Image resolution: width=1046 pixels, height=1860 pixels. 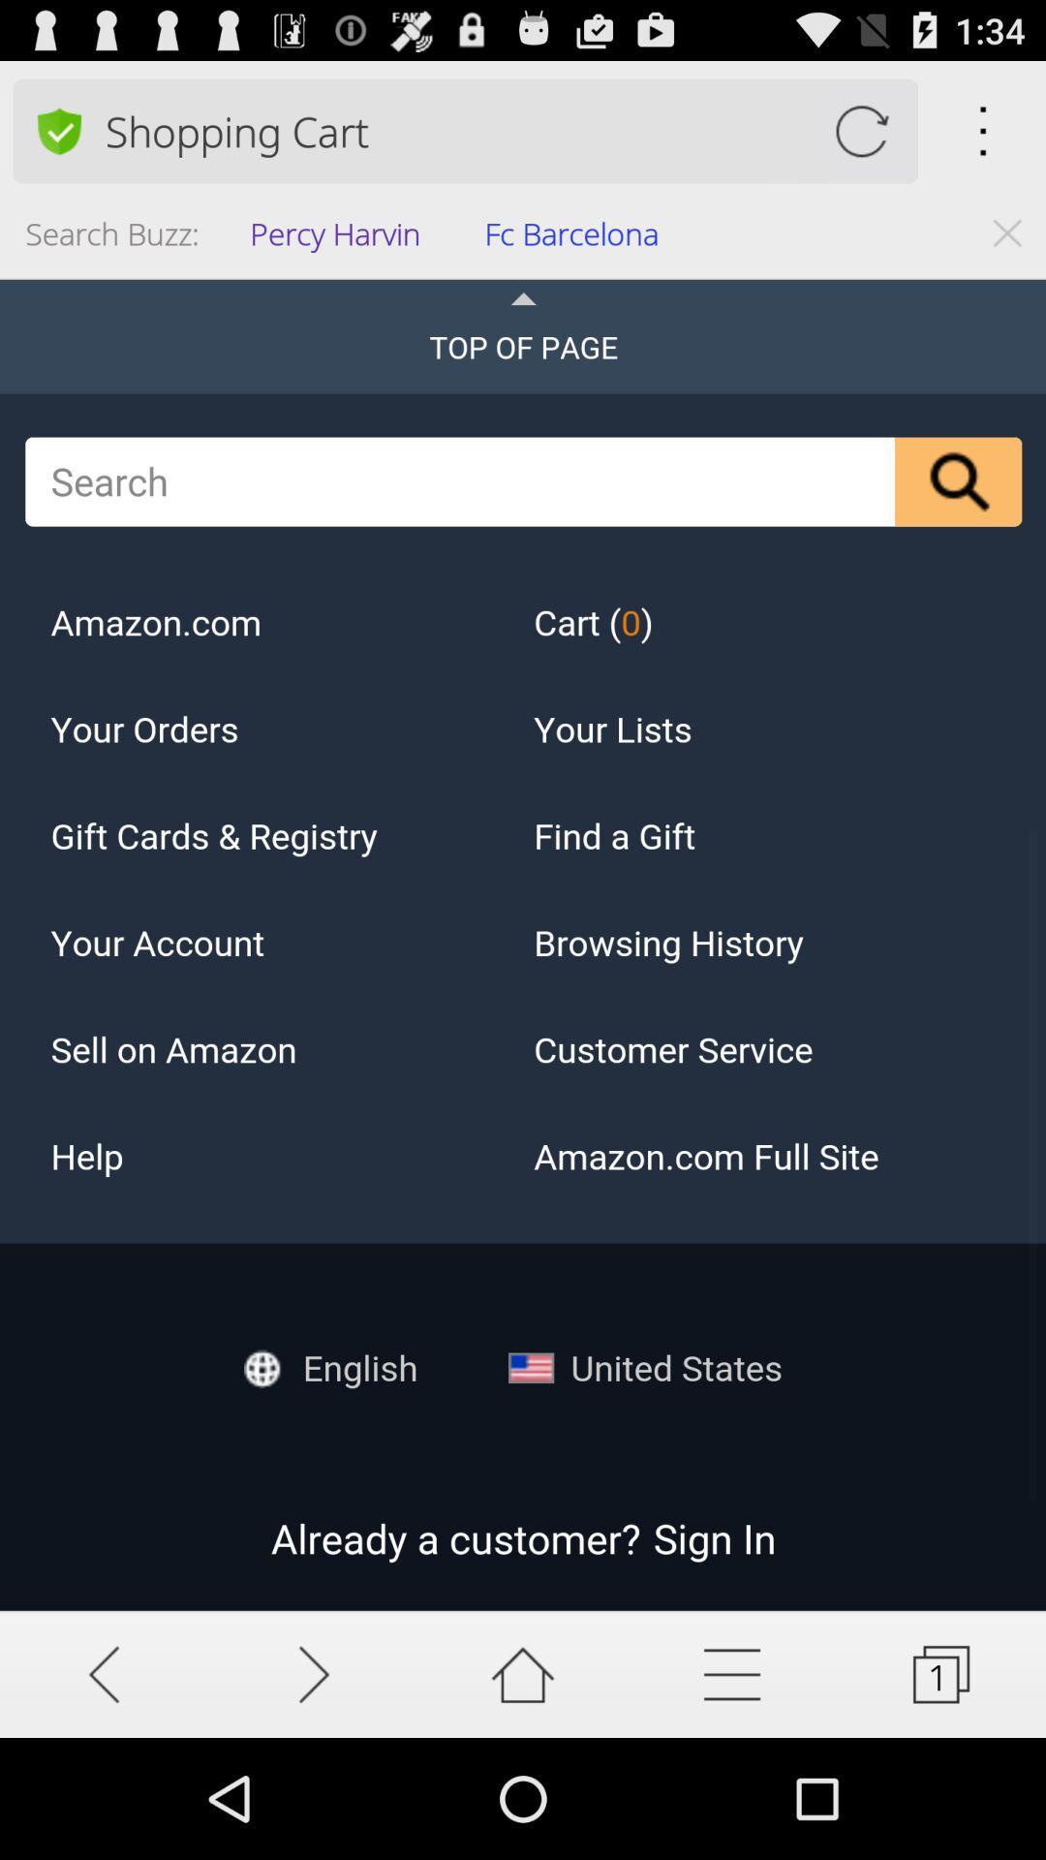 What do you see at coordinates (313, 1673) in the screenshot?
I see `next page` at bounding box center [313, 1673].